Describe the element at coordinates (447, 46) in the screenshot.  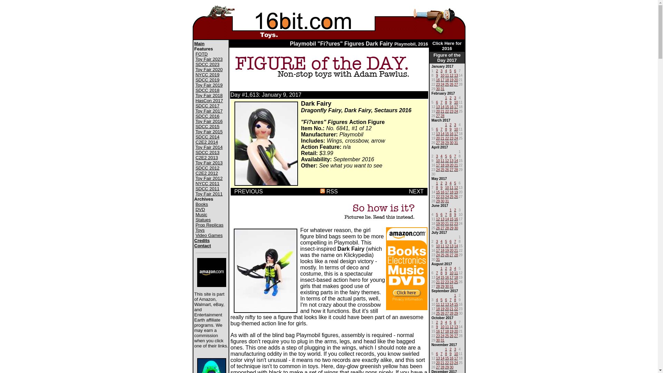
I see `'Click Here for 2016'` at that location.